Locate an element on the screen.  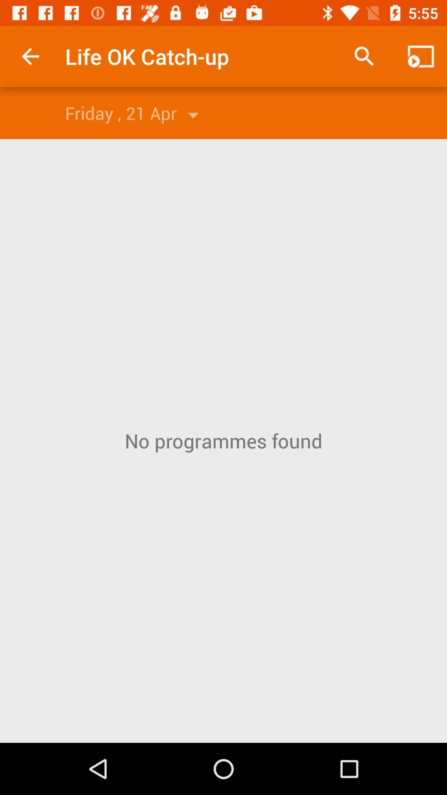
app to the right of the life ok catch item is located at coordinates (364, 56).